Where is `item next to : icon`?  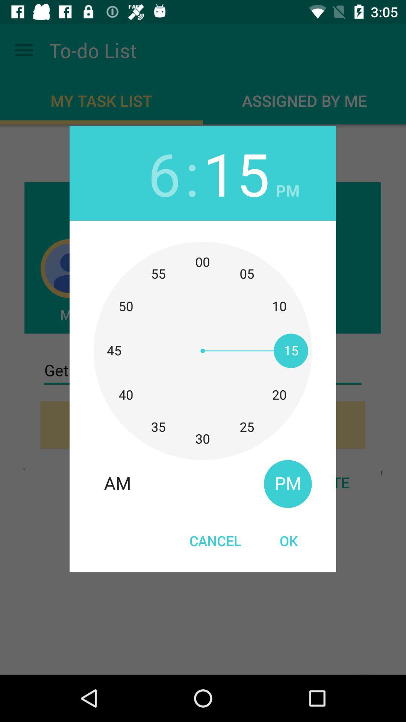
item next to : icon is located at coordinates (164, 173).